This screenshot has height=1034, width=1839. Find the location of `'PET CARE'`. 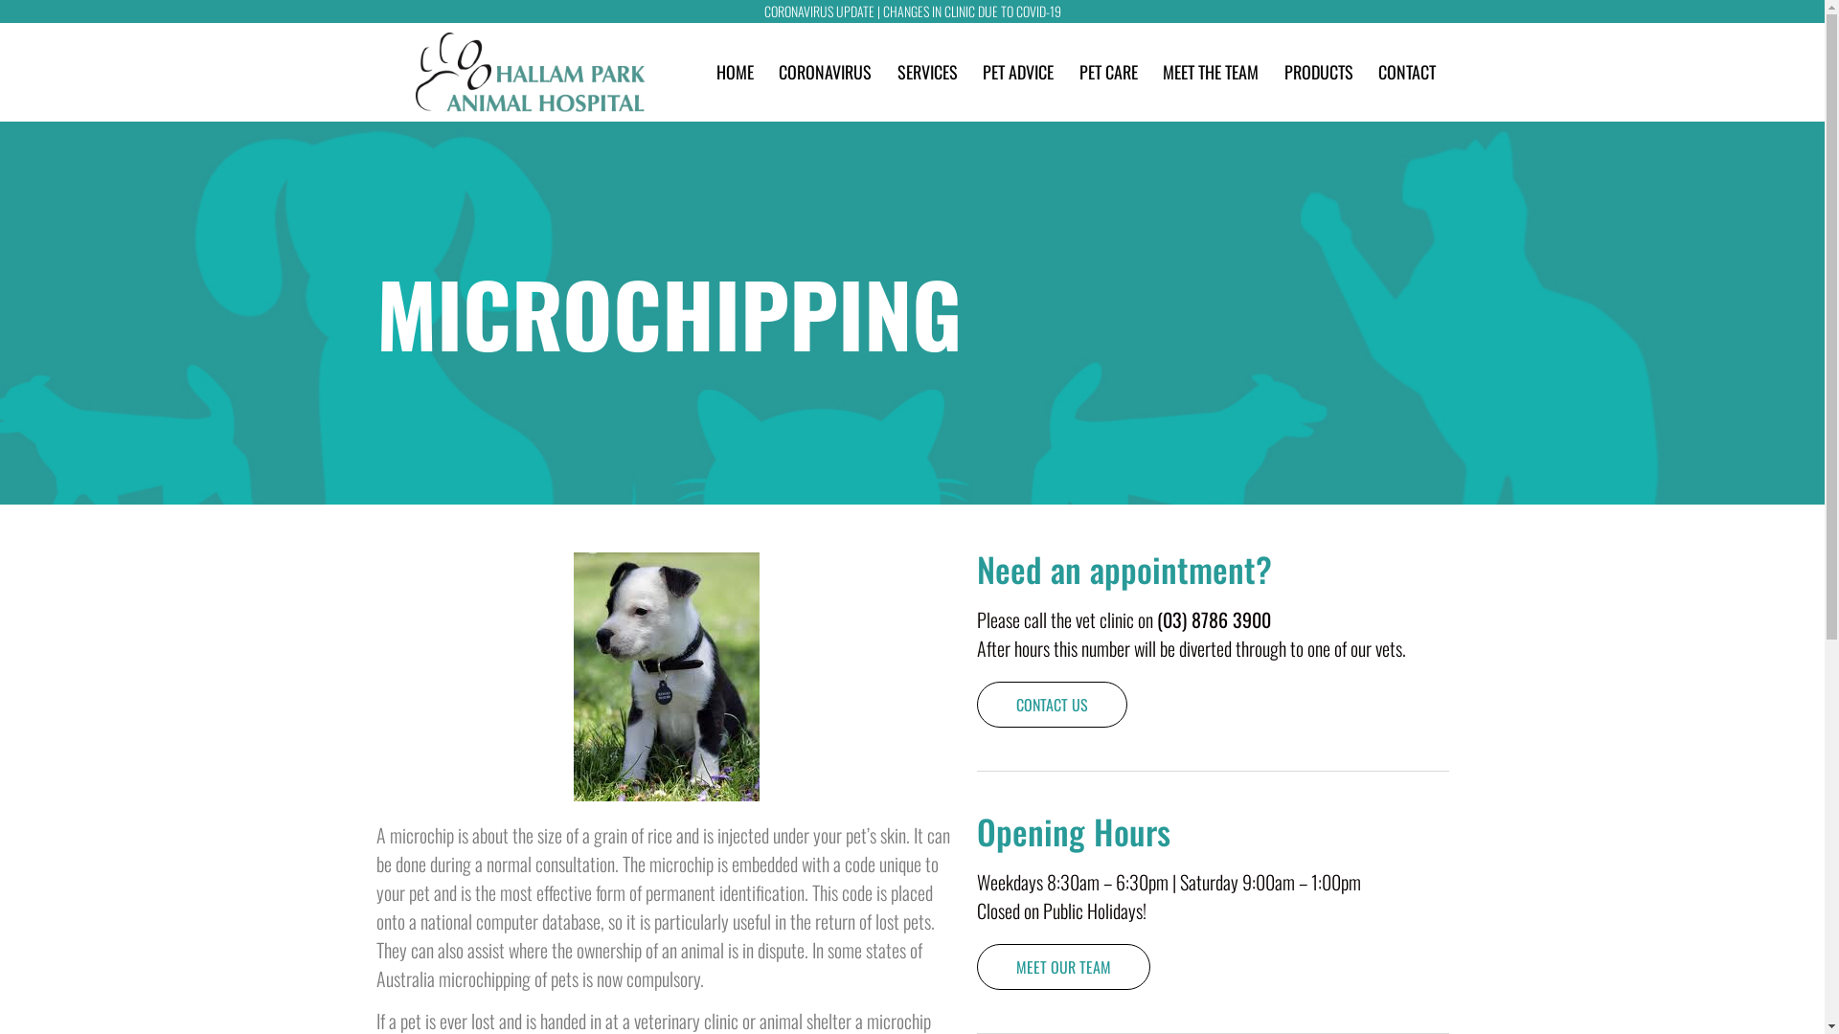

'PET CARE' is located at coordinates (1108, 70).